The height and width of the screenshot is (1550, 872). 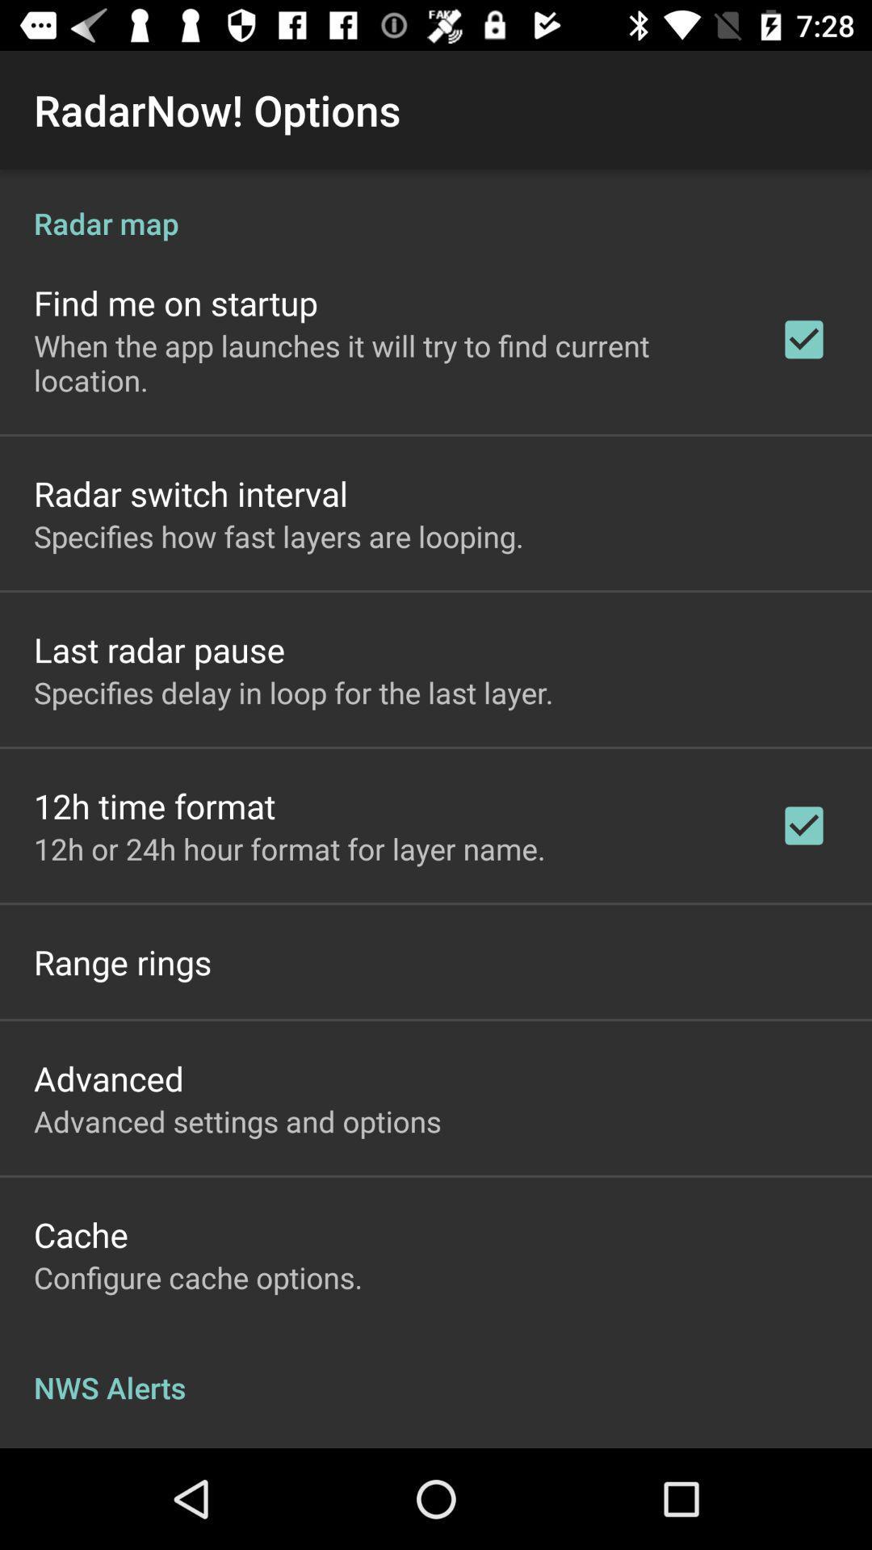 I want to click on the range rings, so click(x=122, y=961).